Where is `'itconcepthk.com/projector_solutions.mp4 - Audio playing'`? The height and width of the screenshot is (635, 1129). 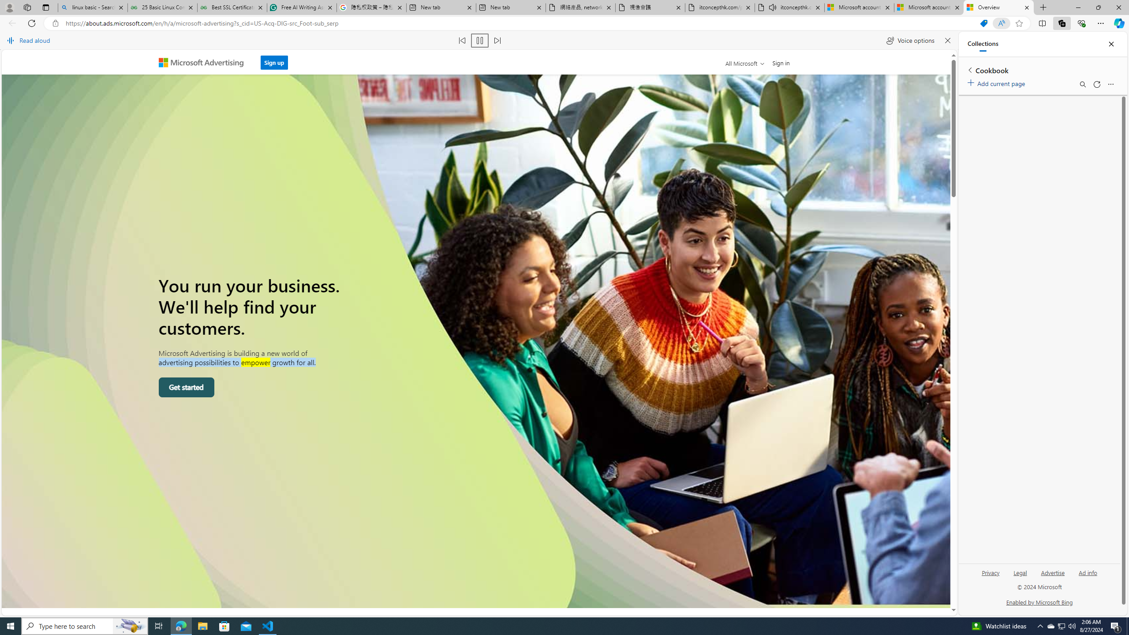 'itconcepthk.com/projector_solutions.mp4 - Audio playing' is located at coordinates (789, 7).